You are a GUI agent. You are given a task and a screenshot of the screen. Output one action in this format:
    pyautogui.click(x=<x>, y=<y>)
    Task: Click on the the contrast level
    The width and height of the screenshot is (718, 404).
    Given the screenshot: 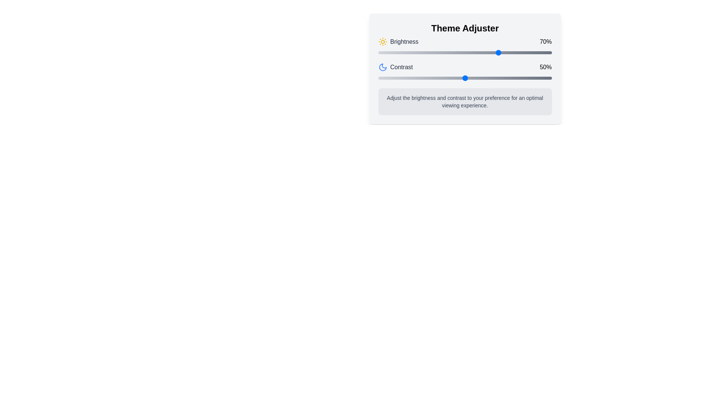 What is the action you would take?
    pyautogui.click(x=473, y=78)
    